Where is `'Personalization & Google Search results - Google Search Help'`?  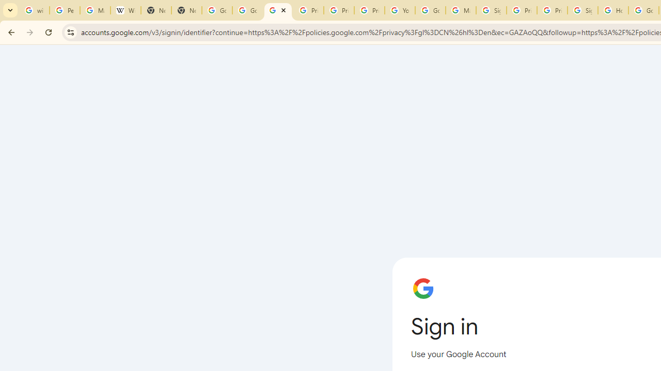 'Personalization & Google Search results - Google Search Help' is located at coordinates (64, 10).